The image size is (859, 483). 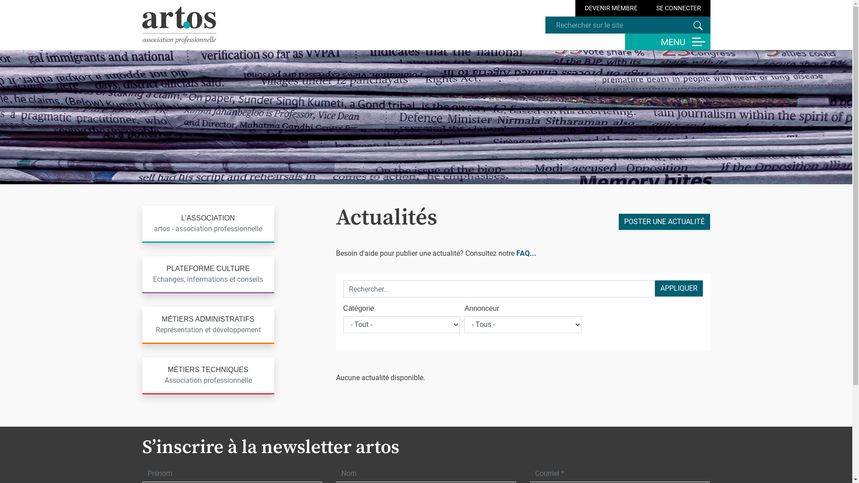 I want to click on 'FAQ...', so click(x=516, y=253).